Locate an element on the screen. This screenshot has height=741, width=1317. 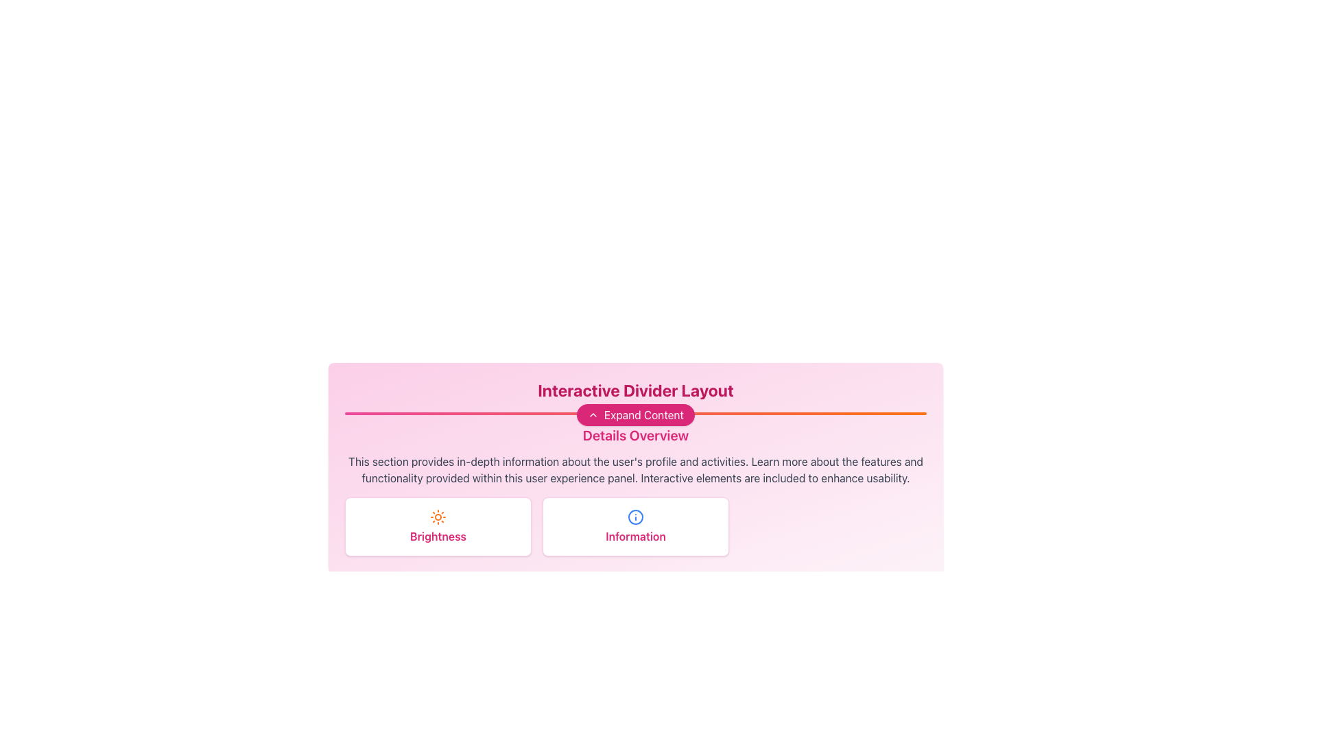
the text label that reads 'Information', which is styled in pink with a bold font, located at the bottom-center of the interface beneath a blue information icon is located at coordinates (634, 536).